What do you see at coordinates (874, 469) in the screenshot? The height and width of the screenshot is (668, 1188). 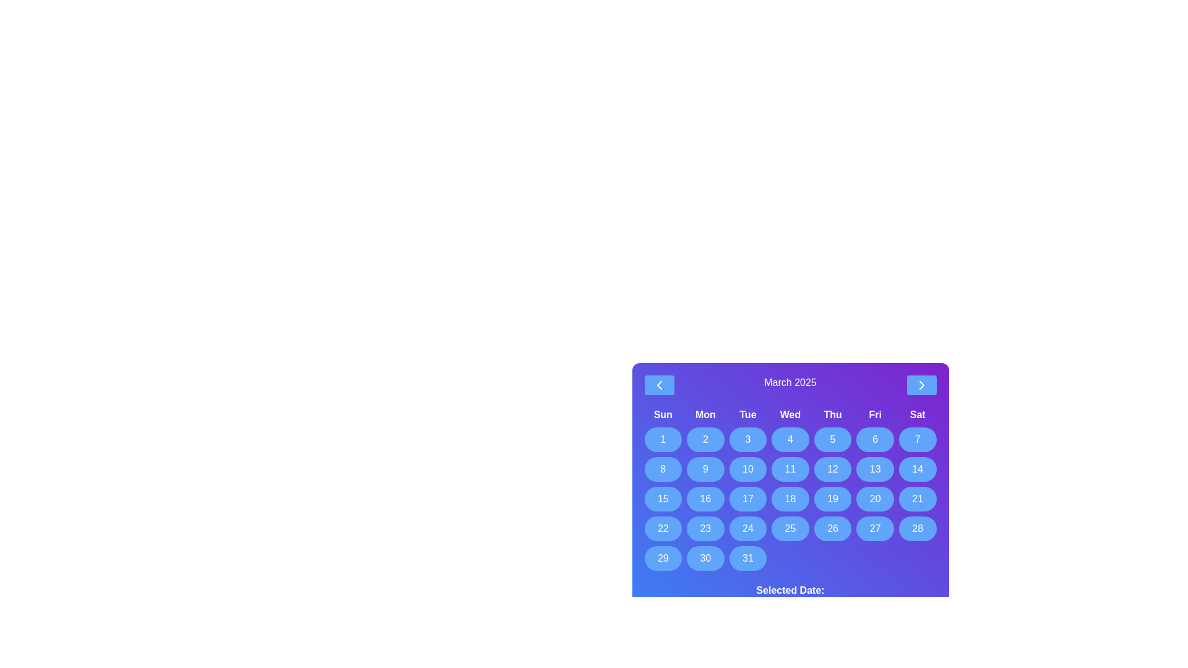 I see `the rounded blue button labeled '13' located in the second row, sixth column of the calendar grid` at bounding box center [874, 469].